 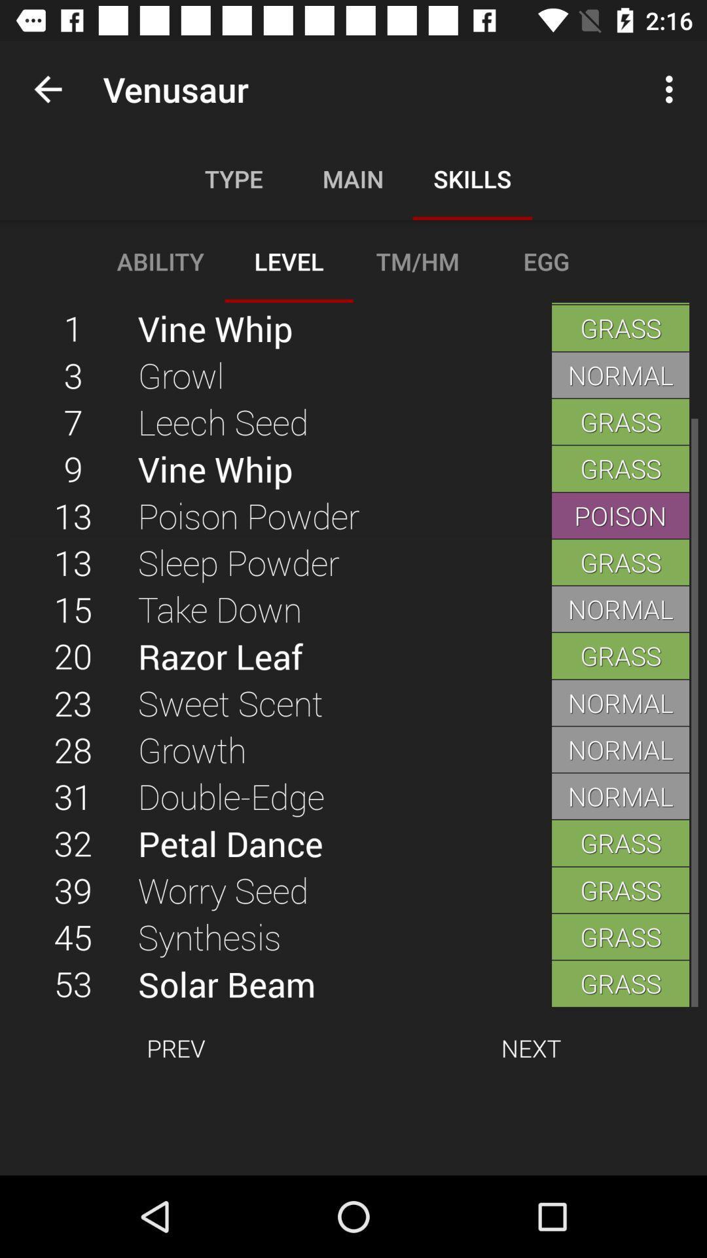 What do you see at coordinates (344, 608) in the screenshot?
I see `the icon to the right of 13` at bounding box center [344, 608].